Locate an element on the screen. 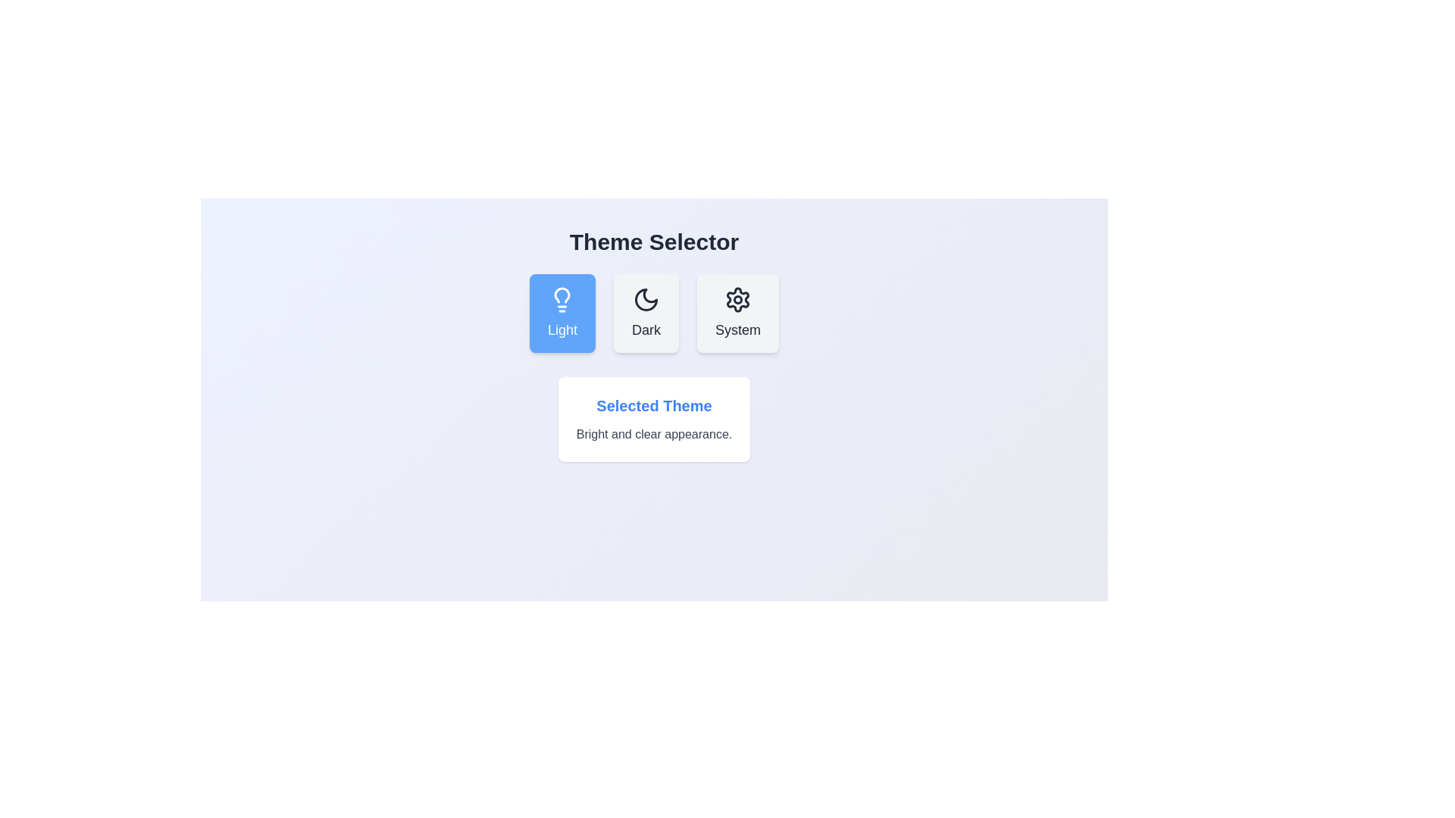 This screenshot has height=818, width=1455. the theme option Light to observe its hover effect is located at coordinates (562, 312).